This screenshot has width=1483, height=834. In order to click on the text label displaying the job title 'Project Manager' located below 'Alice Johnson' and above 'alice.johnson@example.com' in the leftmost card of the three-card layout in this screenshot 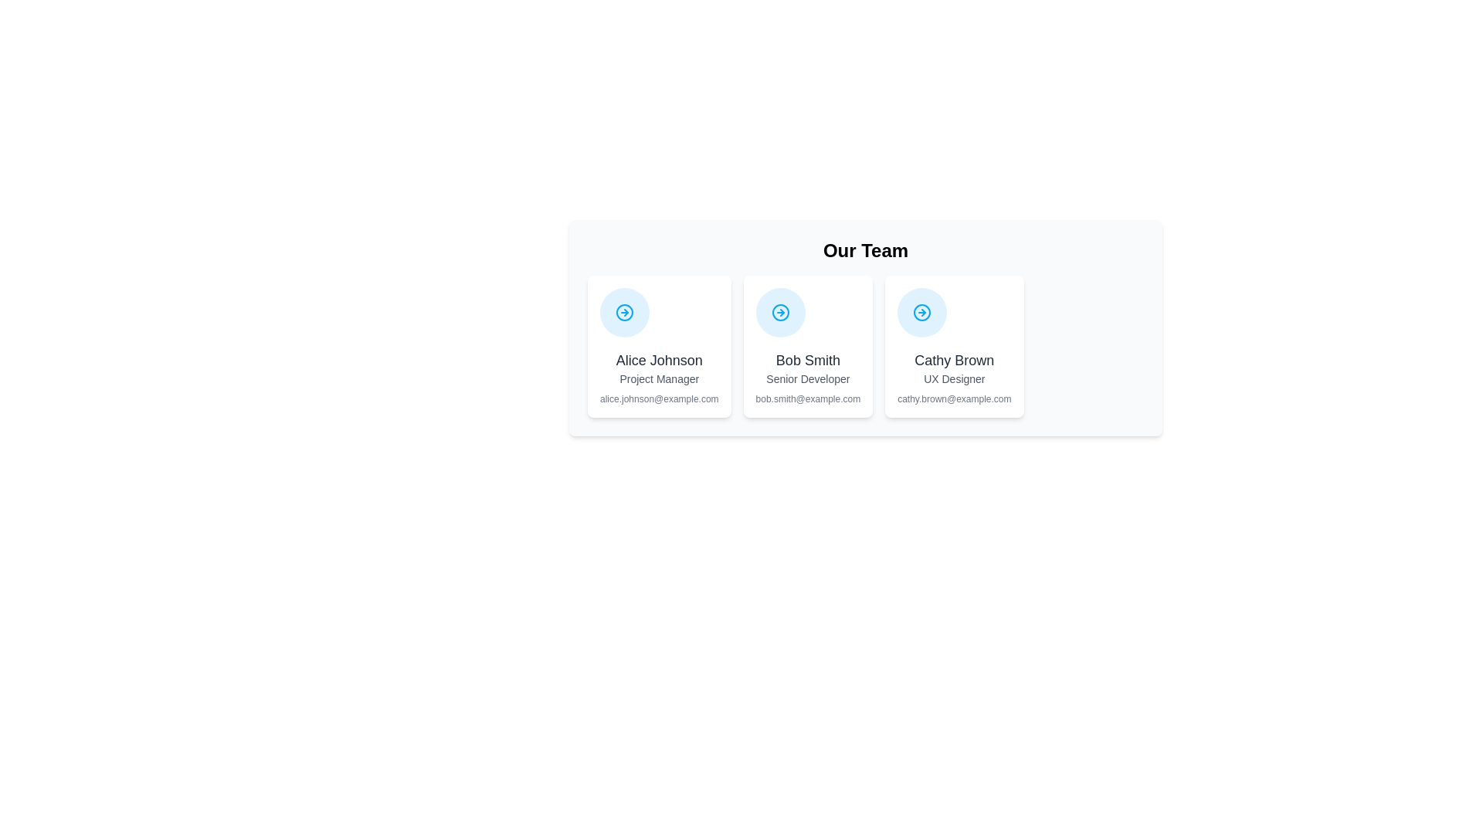, I will do `click(659, 378)`.